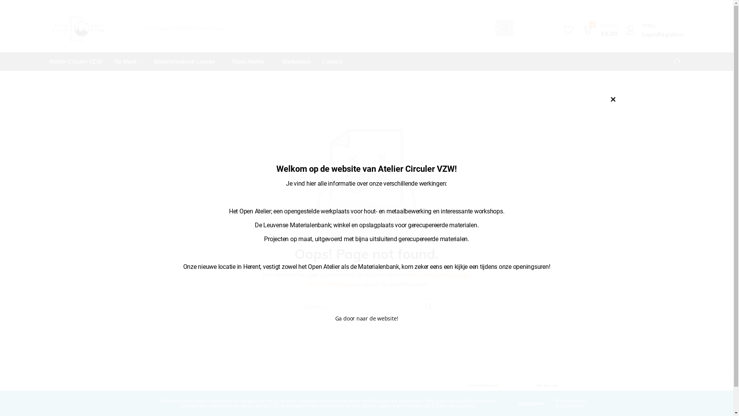 The image size is (739, 416). I want to click on 'Open Atelier', so click(226, 61).